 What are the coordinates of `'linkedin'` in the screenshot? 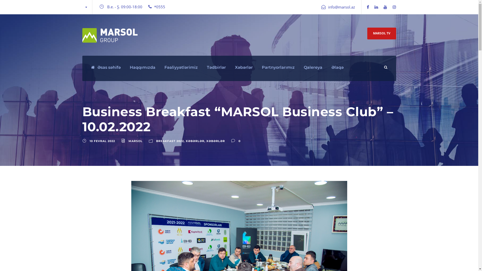 It's located at (376, 7).